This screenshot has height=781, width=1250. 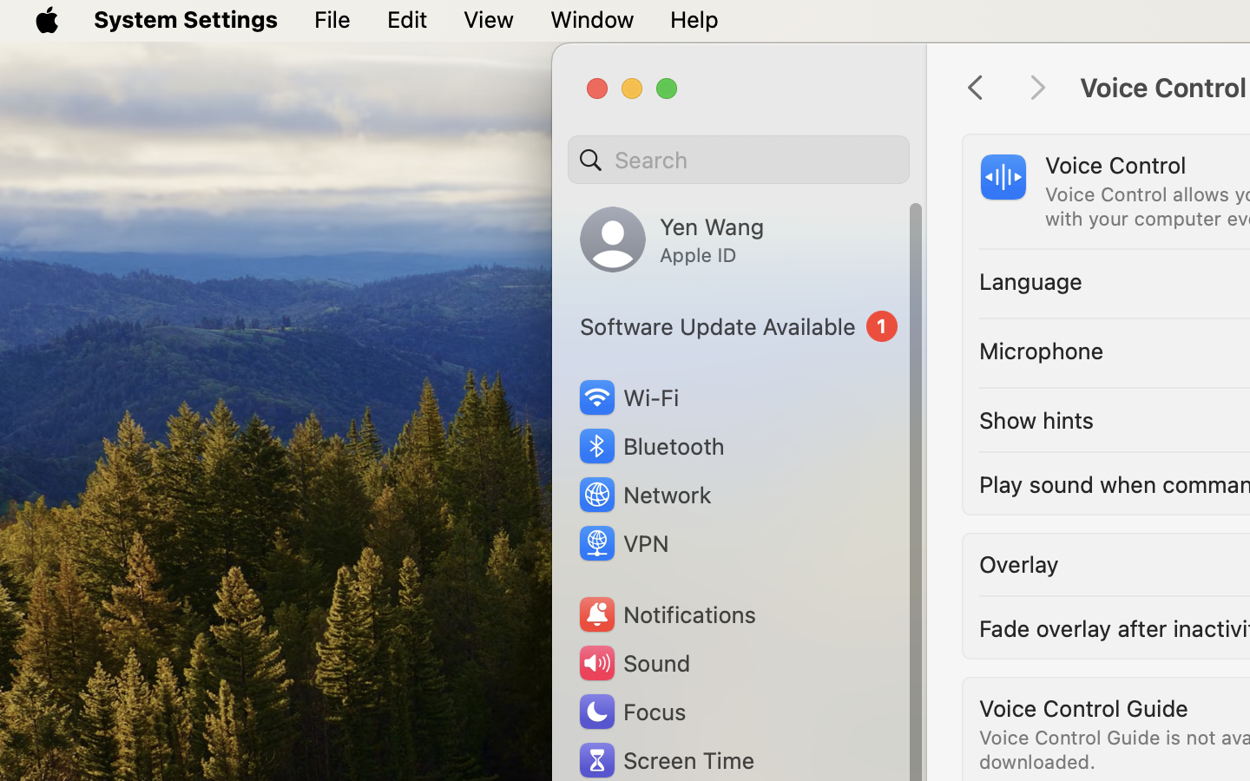 I want to click on 'Notifications', so click(x=665, y=614).